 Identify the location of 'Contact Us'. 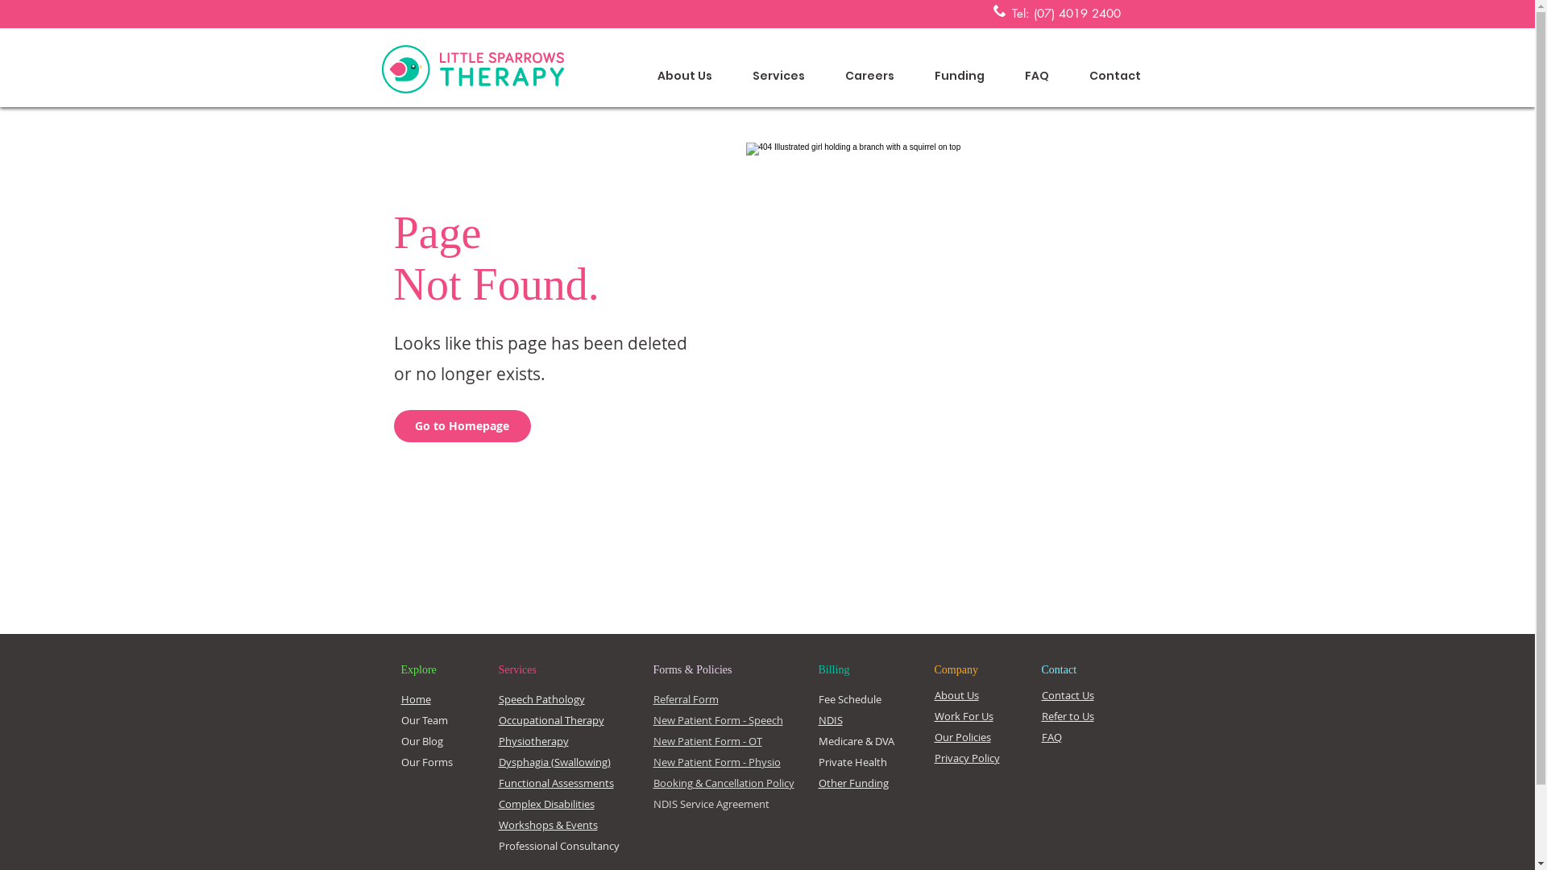
(1067, 694).